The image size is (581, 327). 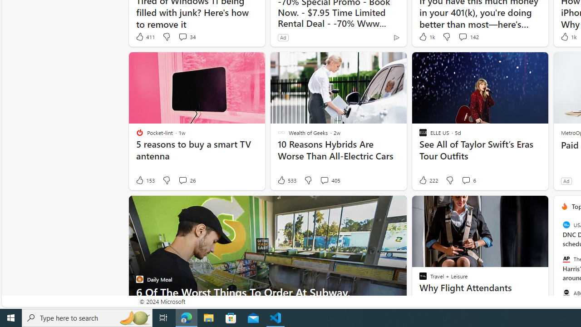 I want to click on '222 Like', so click(x=427, y=180).